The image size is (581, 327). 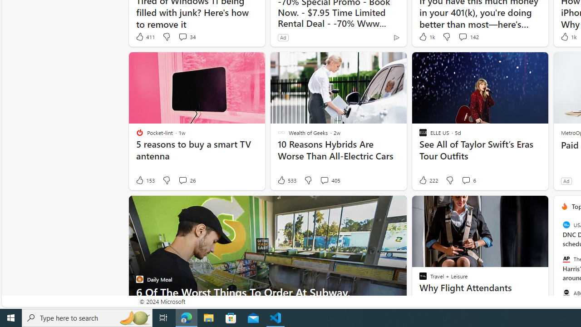 I want to click on '222 Like', so click(x=427, y=180).